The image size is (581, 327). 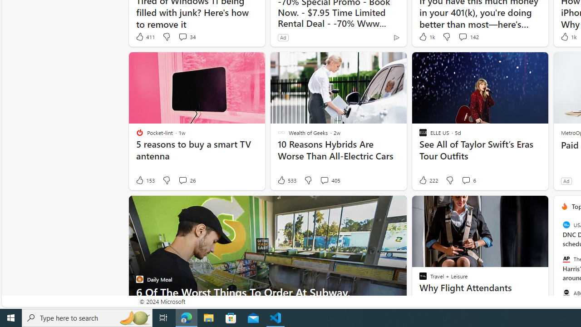 I want to click on '222 Like', so click(x=427, y=180).